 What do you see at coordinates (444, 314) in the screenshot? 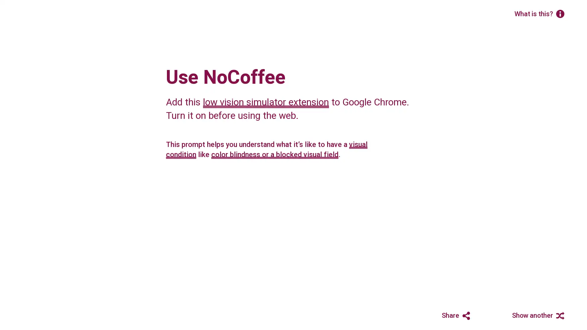
I see `Share` at bounding box center [444, 314].